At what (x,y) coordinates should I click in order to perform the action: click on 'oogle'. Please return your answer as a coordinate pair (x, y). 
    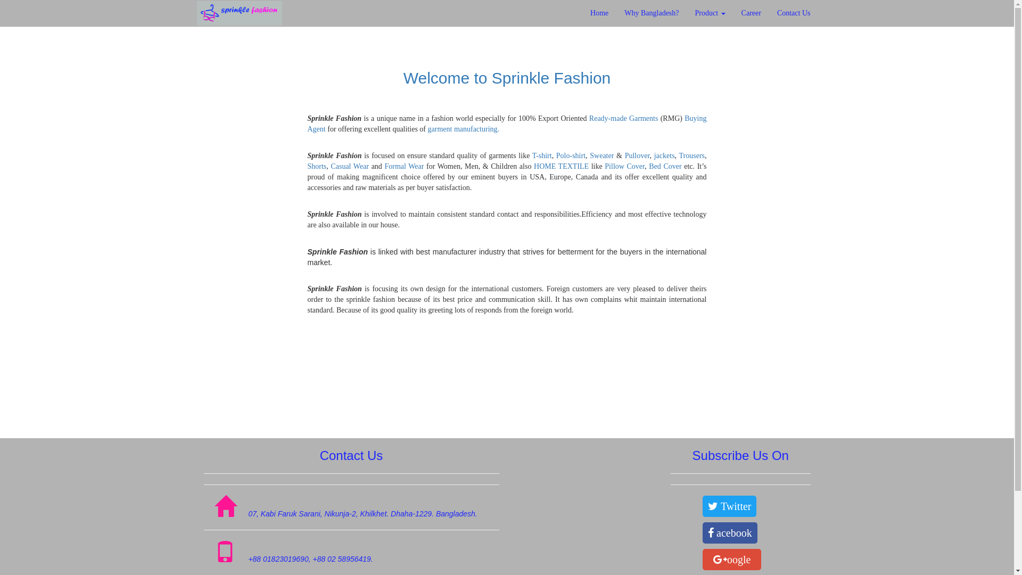
    Looking at the image, I should click on (731, 558).